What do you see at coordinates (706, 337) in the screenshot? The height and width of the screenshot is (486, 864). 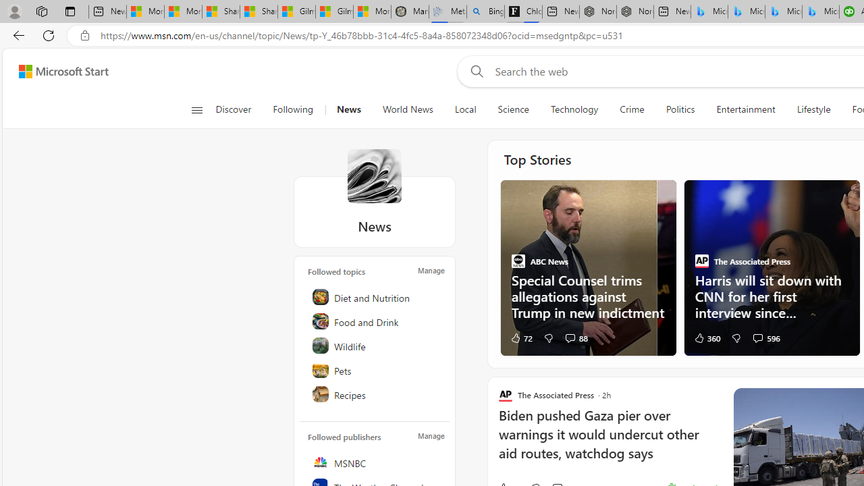 I see `'360 Like'` at bounding box center [706, 337].